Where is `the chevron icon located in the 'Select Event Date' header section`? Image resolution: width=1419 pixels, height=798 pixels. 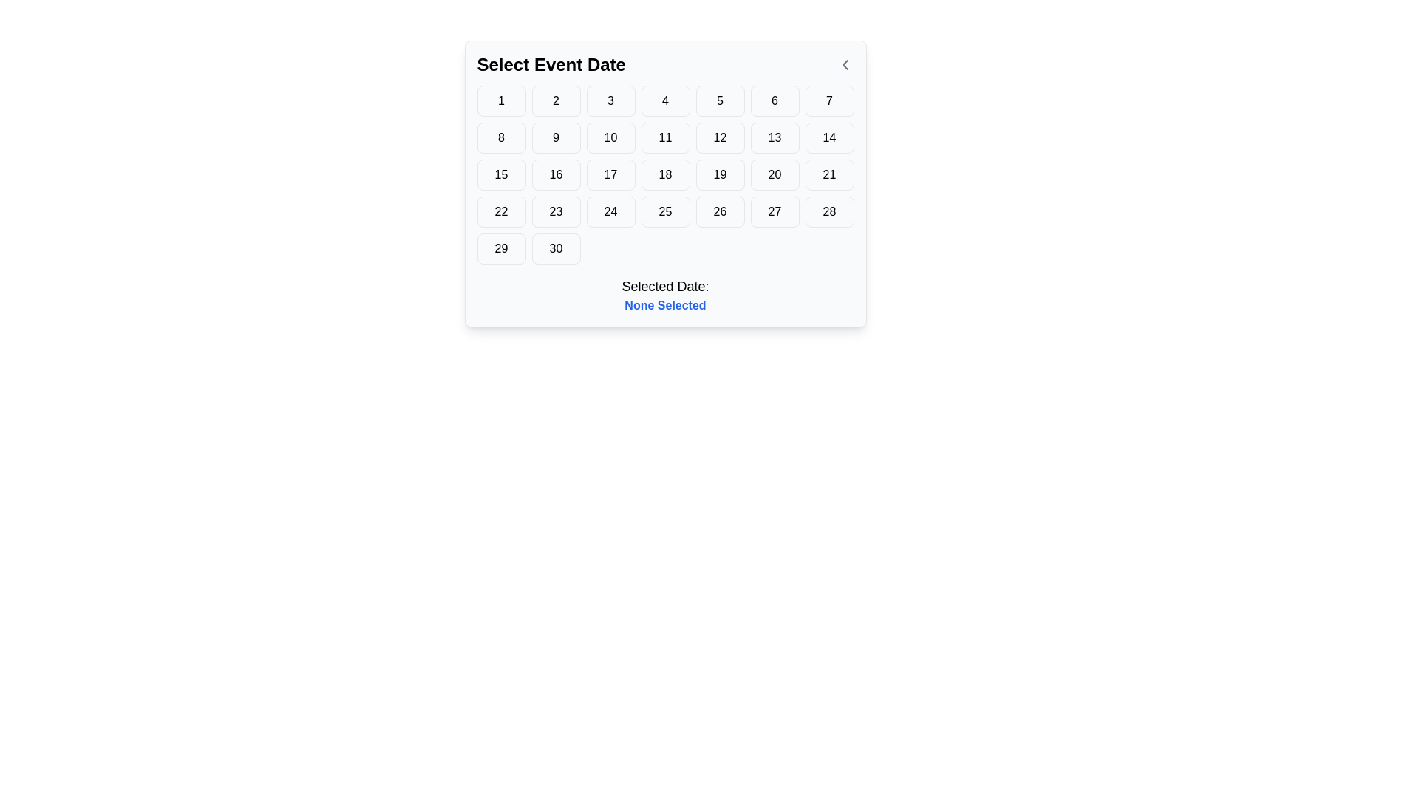
the chevron icon located in the 'Select Event Date' header section is located at coordinates (845, 64).